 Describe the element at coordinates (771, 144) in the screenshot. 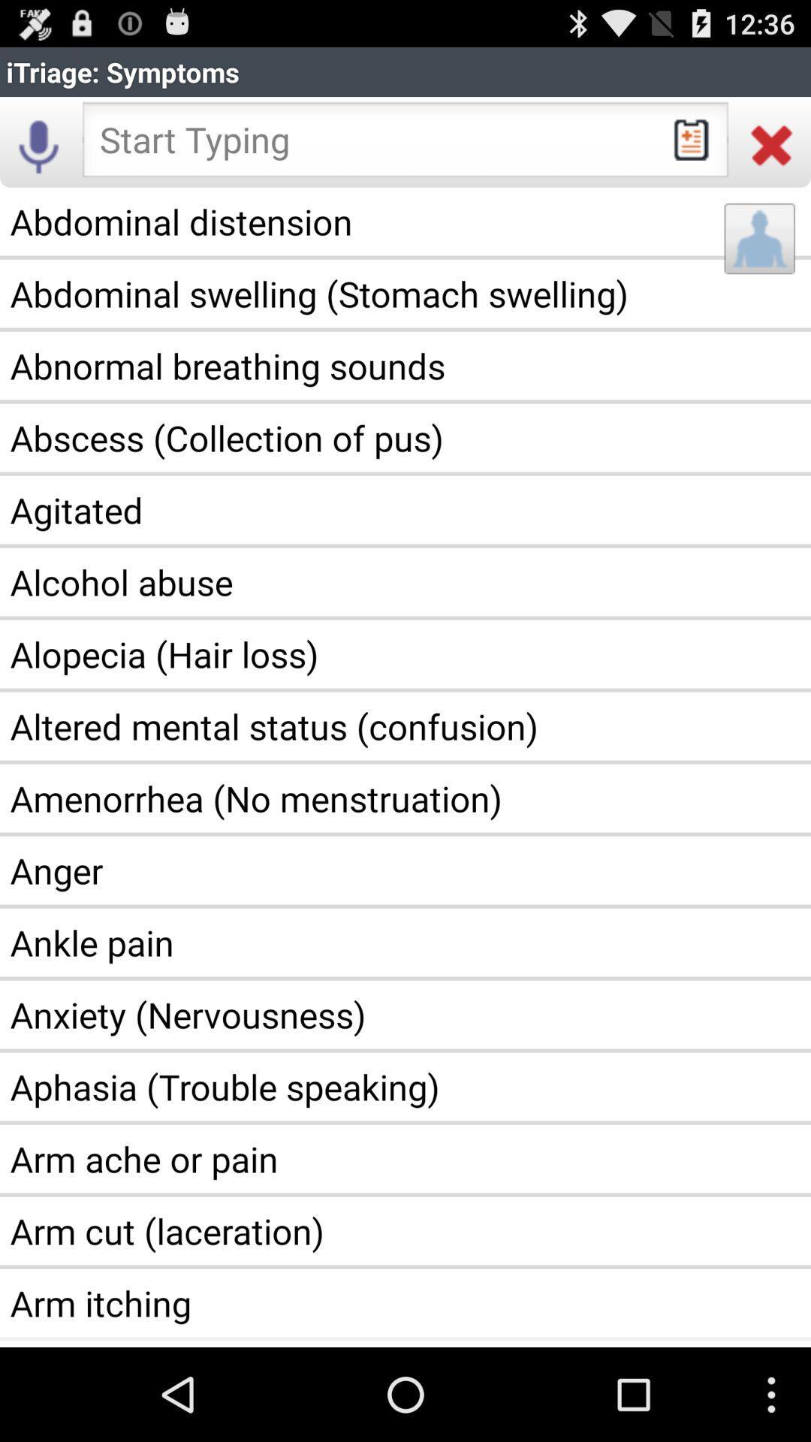

I see `app above the abdominal distension` at that location.